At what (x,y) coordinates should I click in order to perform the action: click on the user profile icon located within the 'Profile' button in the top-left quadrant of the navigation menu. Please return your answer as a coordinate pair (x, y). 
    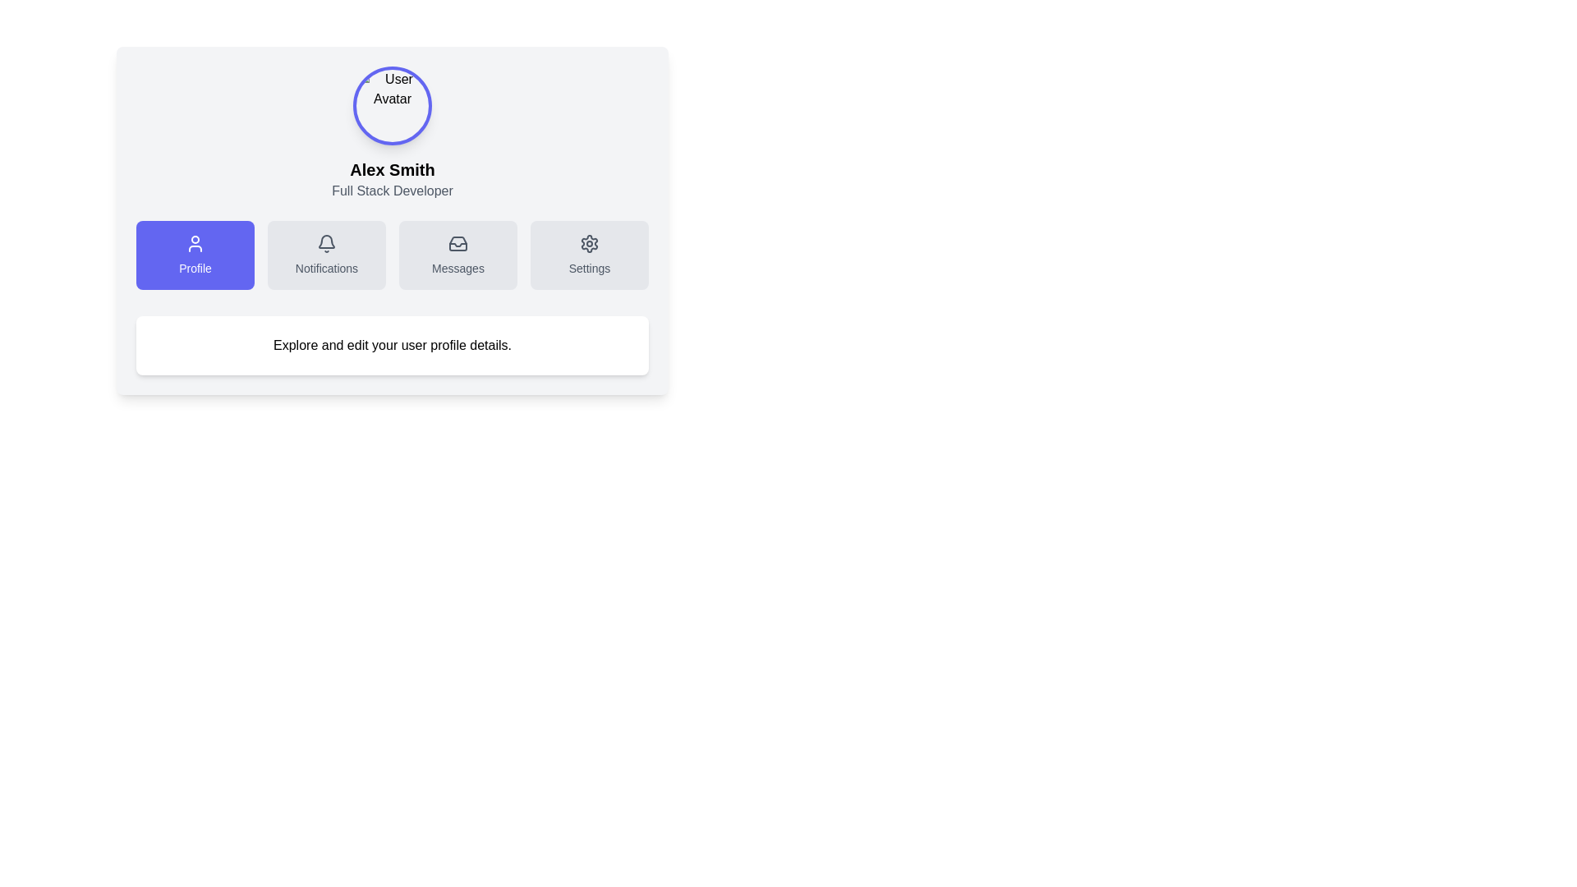
    Looking at the image, I should click on (195, 244).